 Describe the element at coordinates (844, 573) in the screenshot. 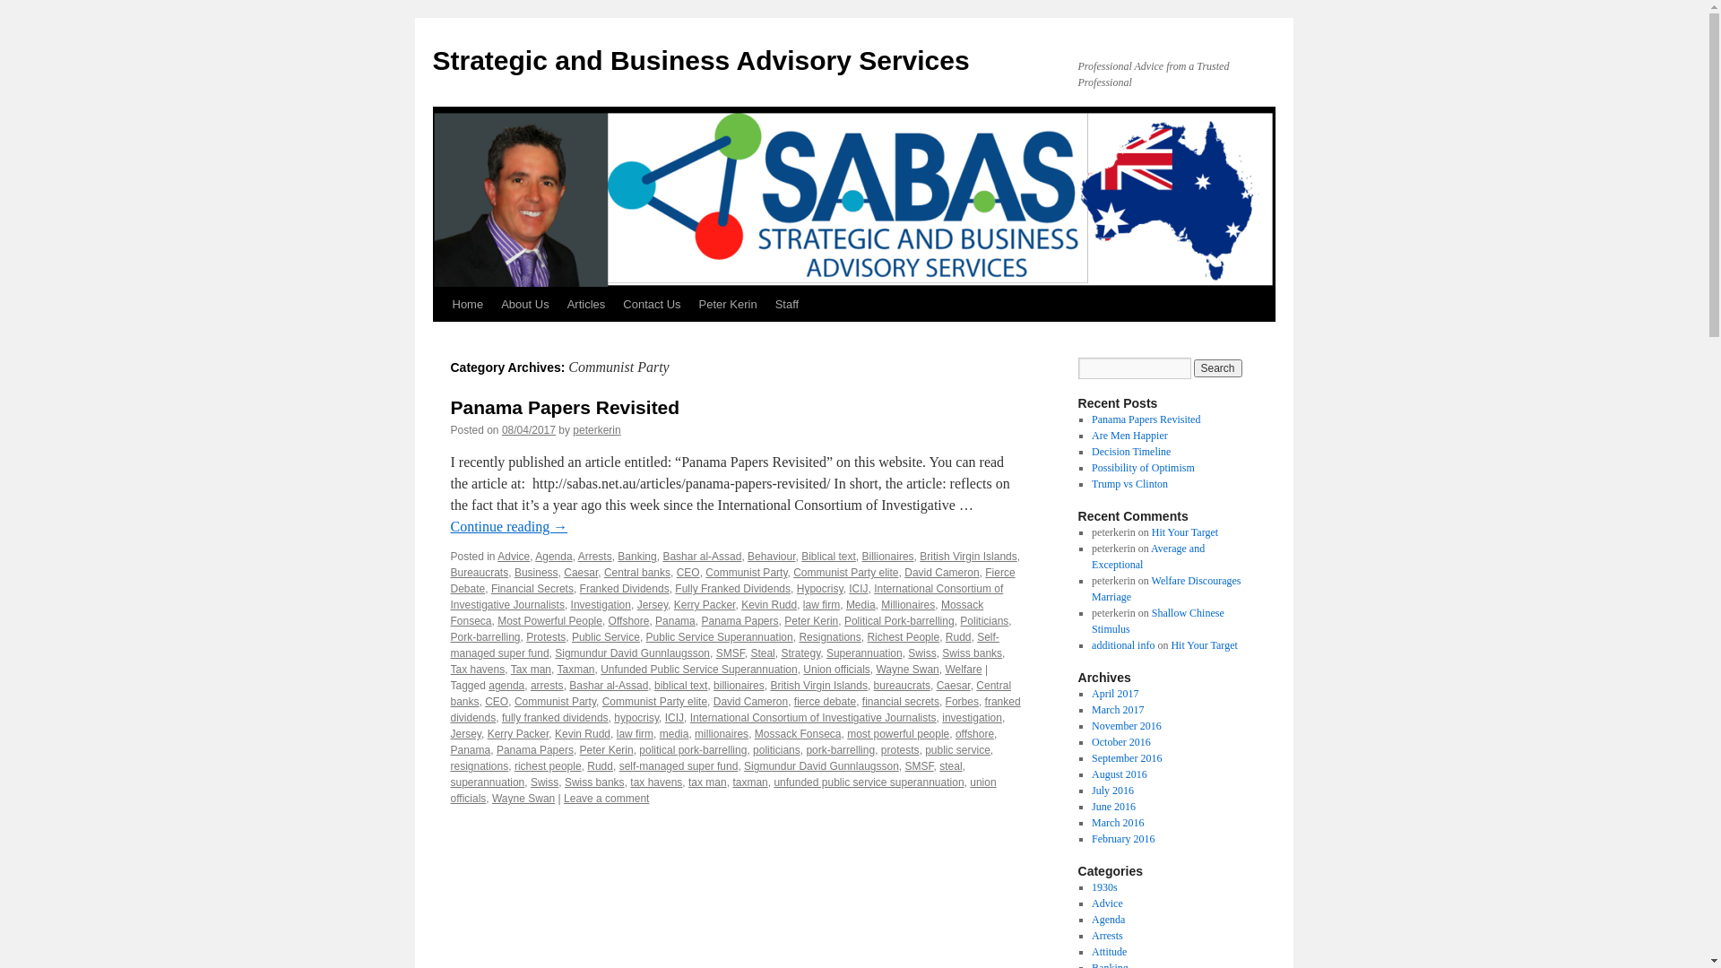

I see `'Communist Party elite'` at that location.